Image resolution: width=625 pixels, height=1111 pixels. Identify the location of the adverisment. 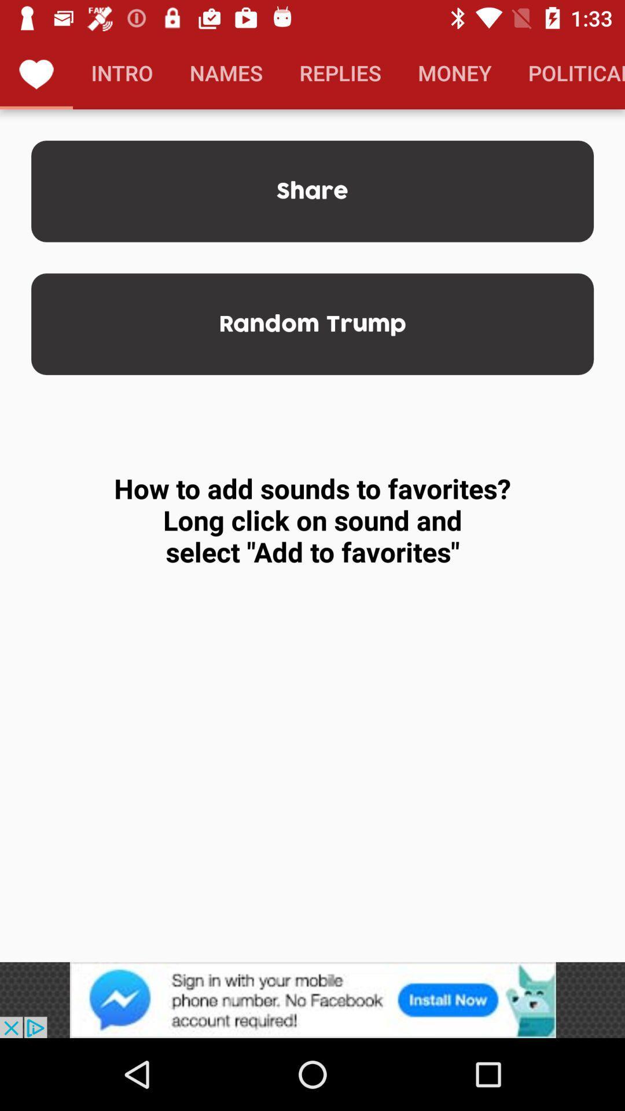
(312, 999).